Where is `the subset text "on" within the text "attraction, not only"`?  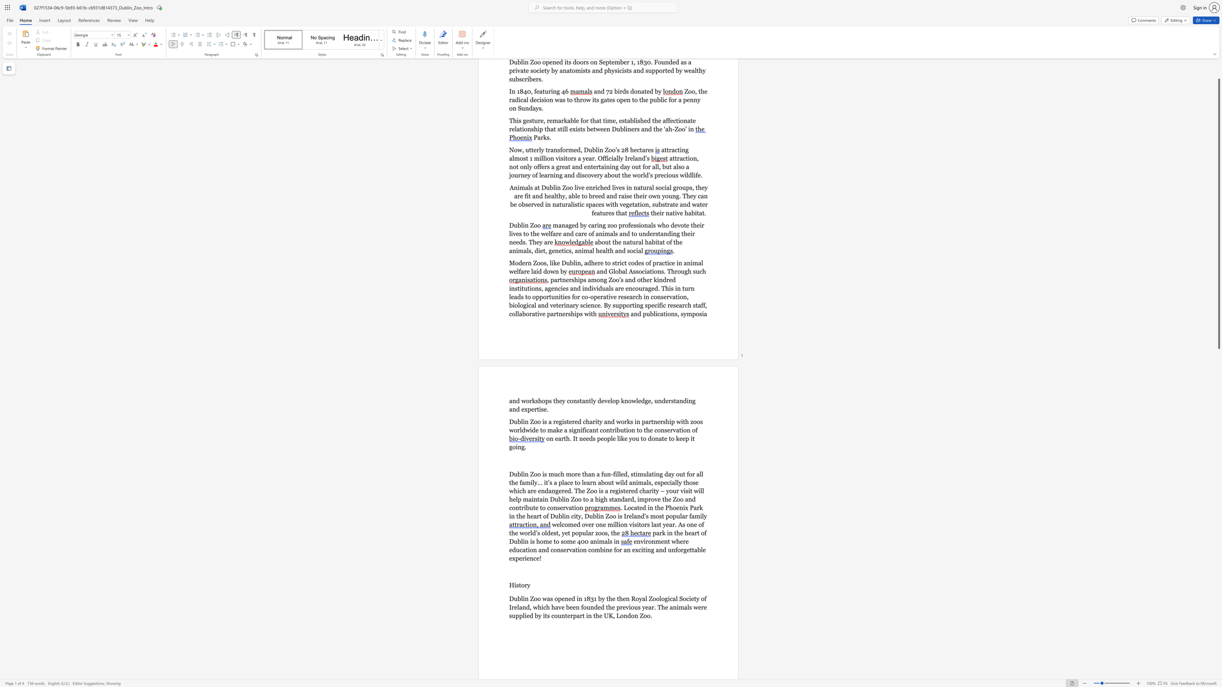
the subset text "on" within the text "attraction, not only" is located at coordinates (689, 157).